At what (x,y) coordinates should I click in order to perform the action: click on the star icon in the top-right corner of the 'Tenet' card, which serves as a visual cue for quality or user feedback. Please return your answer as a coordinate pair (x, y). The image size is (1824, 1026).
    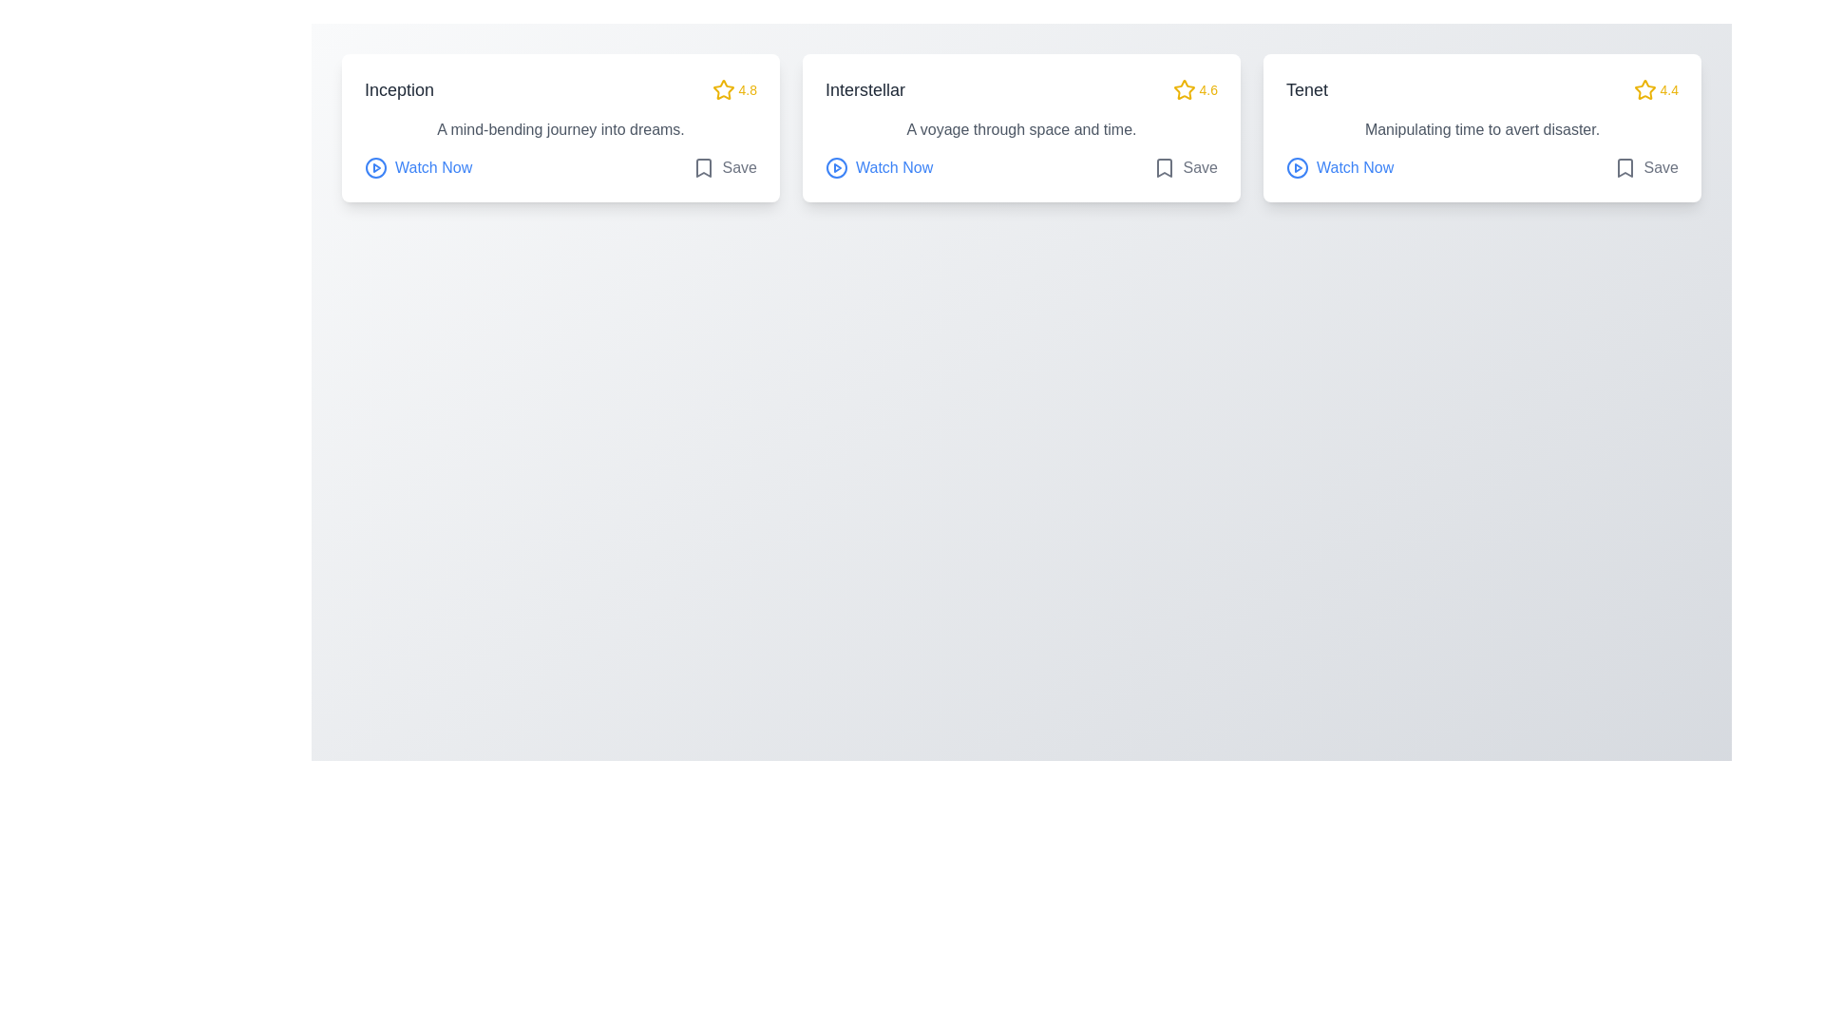
    Looking at the image, I should click on (1643, 90).